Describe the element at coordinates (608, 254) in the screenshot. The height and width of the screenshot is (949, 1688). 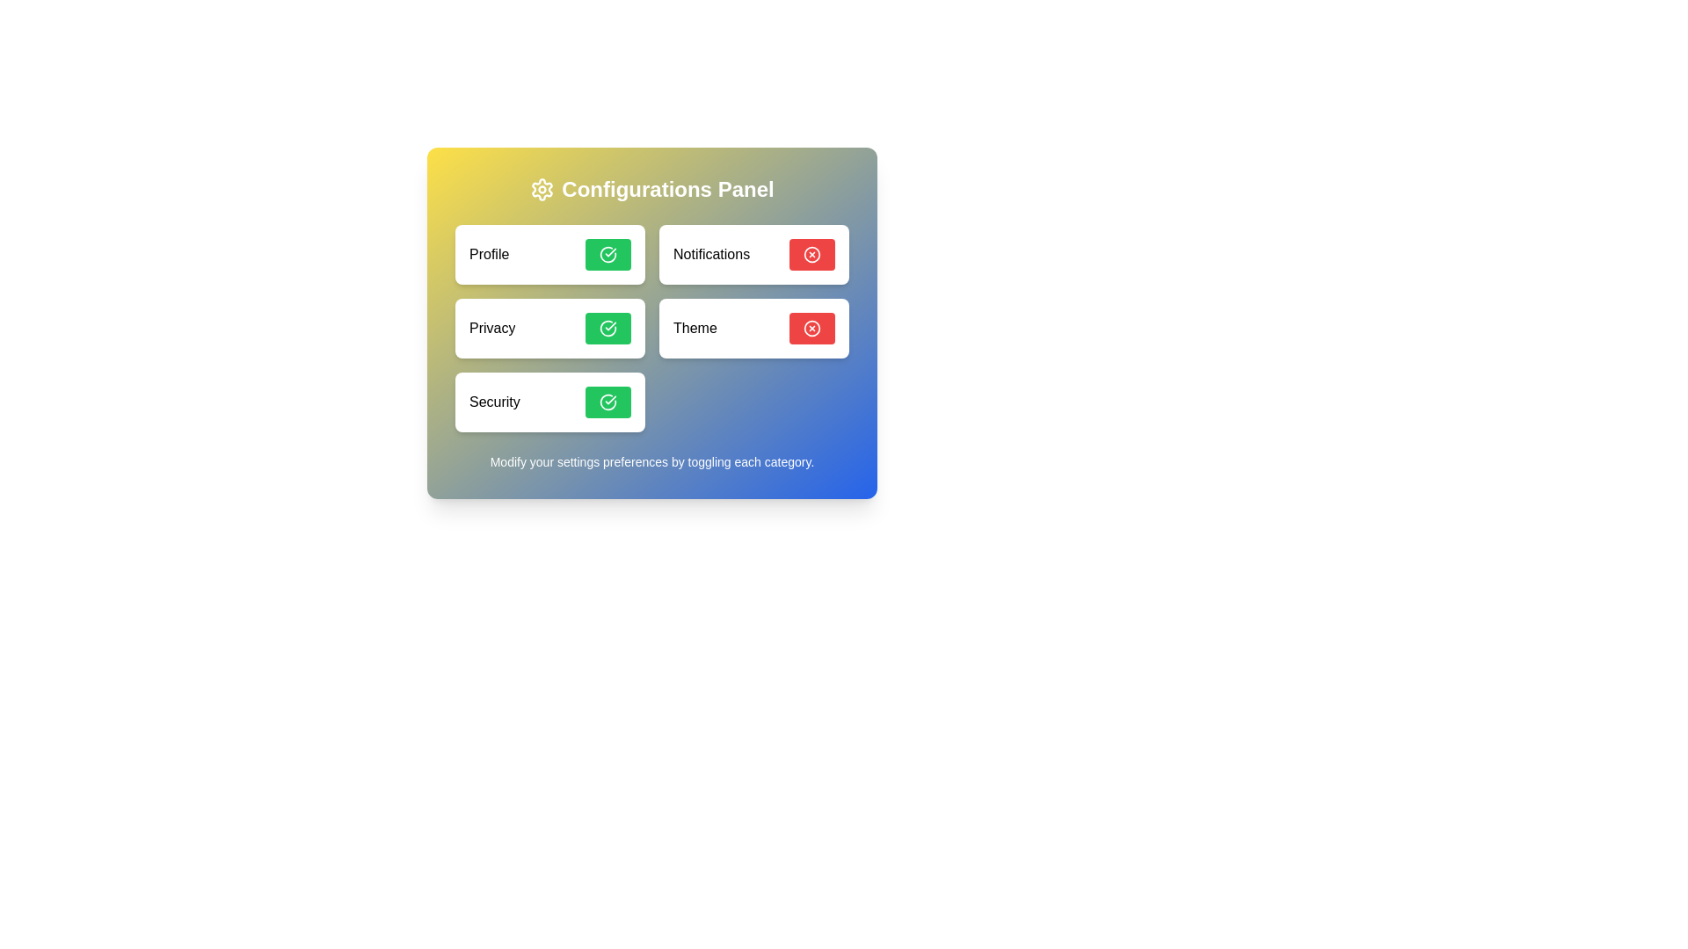
I see `the circular icon with a green background and white checkmark located to the right of the 'Profile' label in the configuration options` at that location.